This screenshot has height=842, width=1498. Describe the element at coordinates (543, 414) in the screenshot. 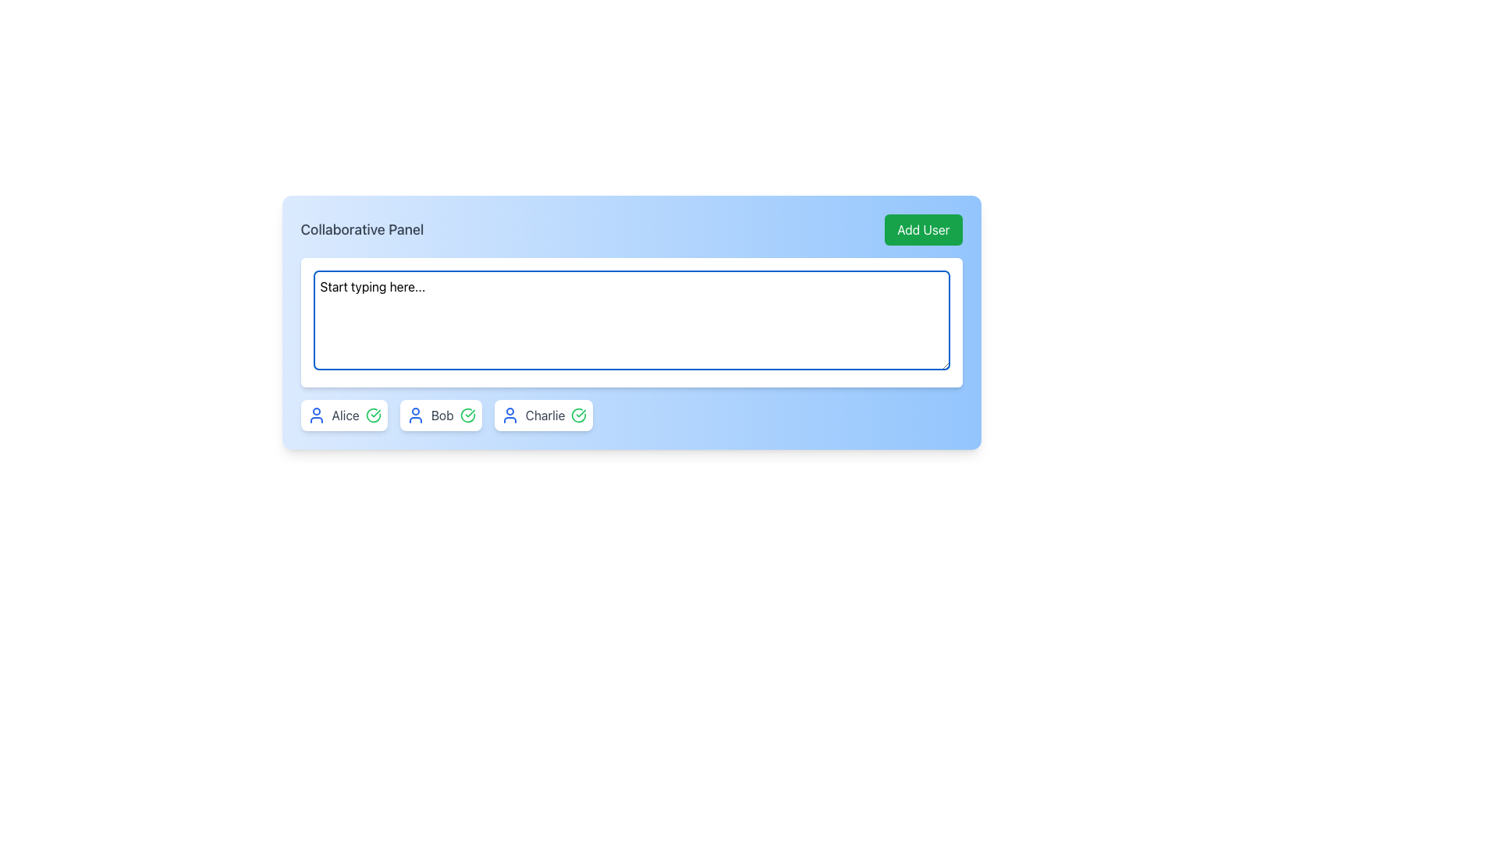

I see `the user entry for 'Charlie' in the Collaborative Panel` at that location.